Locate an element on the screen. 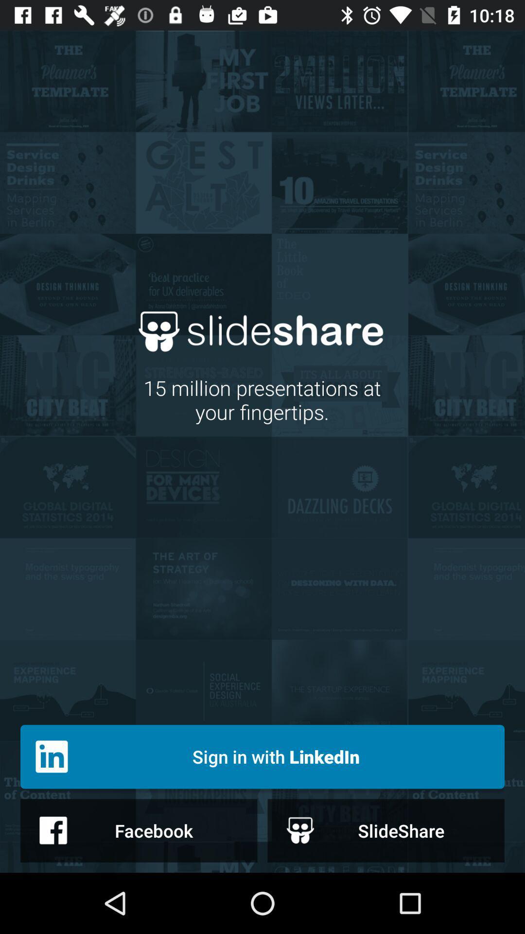 The width and height of the screenshot is (525, 934). sign in with item is located at coordinates (262, 756).